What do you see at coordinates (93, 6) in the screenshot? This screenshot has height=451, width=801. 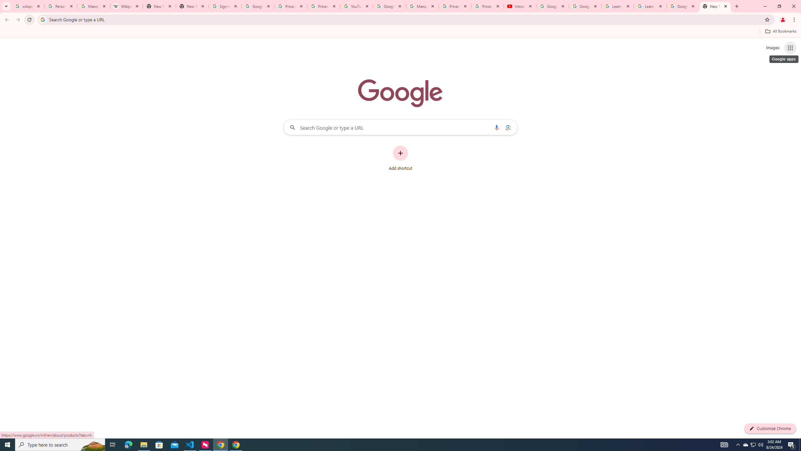 I see `'Manage your Location History - Google Search Help'` at bounding box center [93, 6].